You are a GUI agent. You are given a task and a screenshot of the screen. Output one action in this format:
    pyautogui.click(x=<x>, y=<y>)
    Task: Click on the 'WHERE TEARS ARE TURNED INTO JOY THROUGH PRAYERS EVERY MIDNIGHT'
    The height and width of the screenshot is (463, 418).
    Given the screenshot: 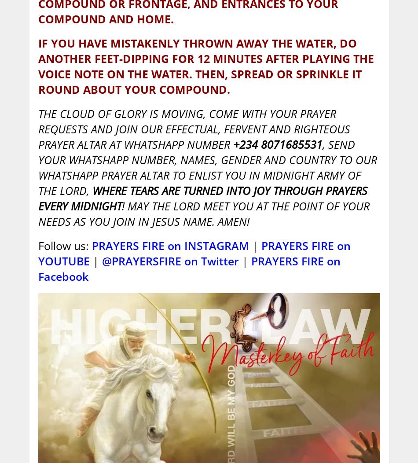 What is the action you would take?
    pyautogui.click(x=202, y=198)
    